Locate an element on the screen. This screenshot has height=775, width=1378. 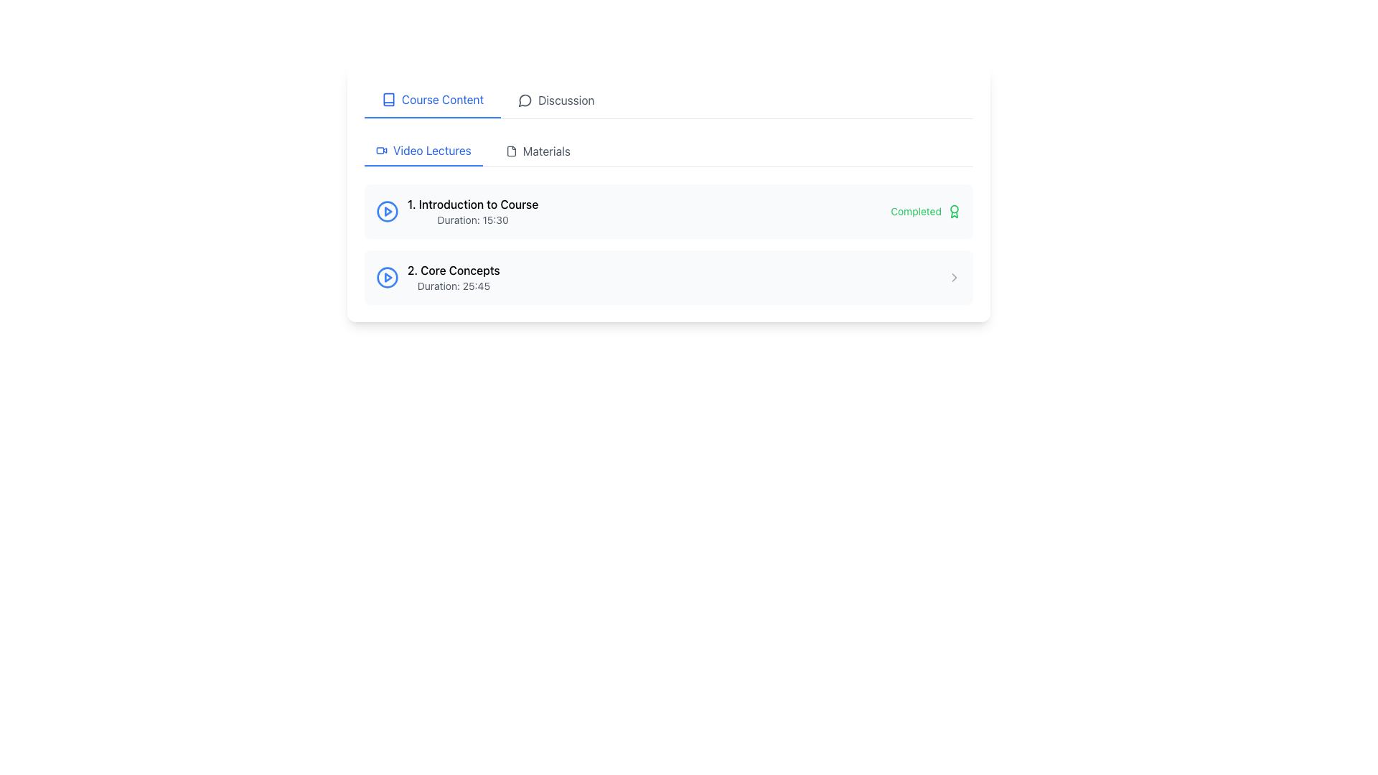
the text display titled '1. Introduction to Course' is located at coordinates (473, 211).